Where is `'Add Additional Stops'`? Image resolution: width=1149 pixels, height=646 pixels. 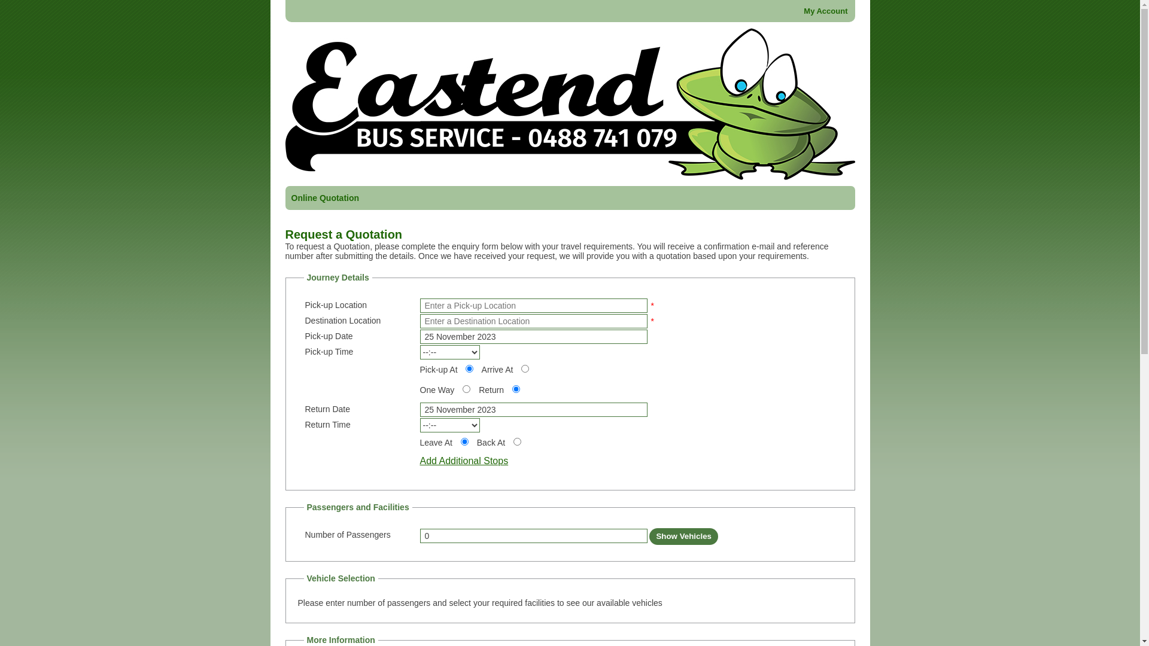
'Add Additional Stops' is located at coordinates (464, 460).